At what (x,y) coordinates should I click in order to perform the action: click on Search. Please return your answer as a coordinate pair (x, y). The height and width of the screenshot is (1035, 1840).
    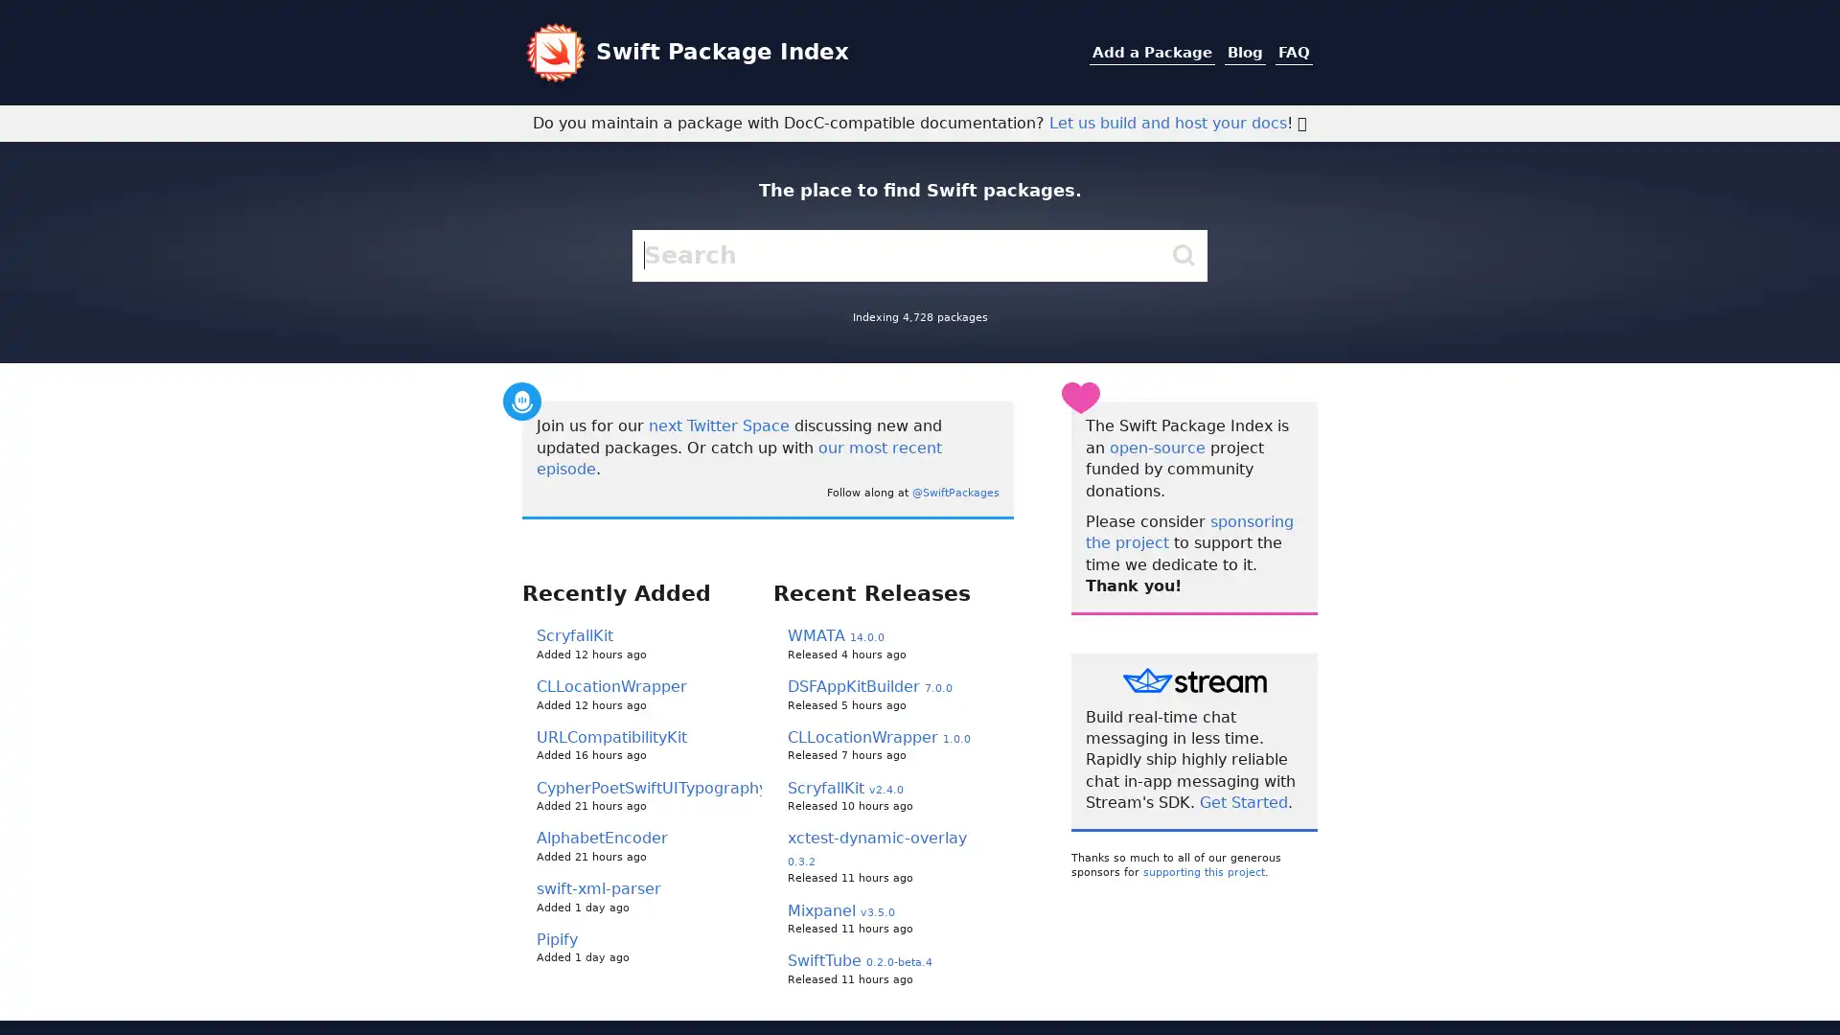
    Looking at the image, I should click on (1182, 254).